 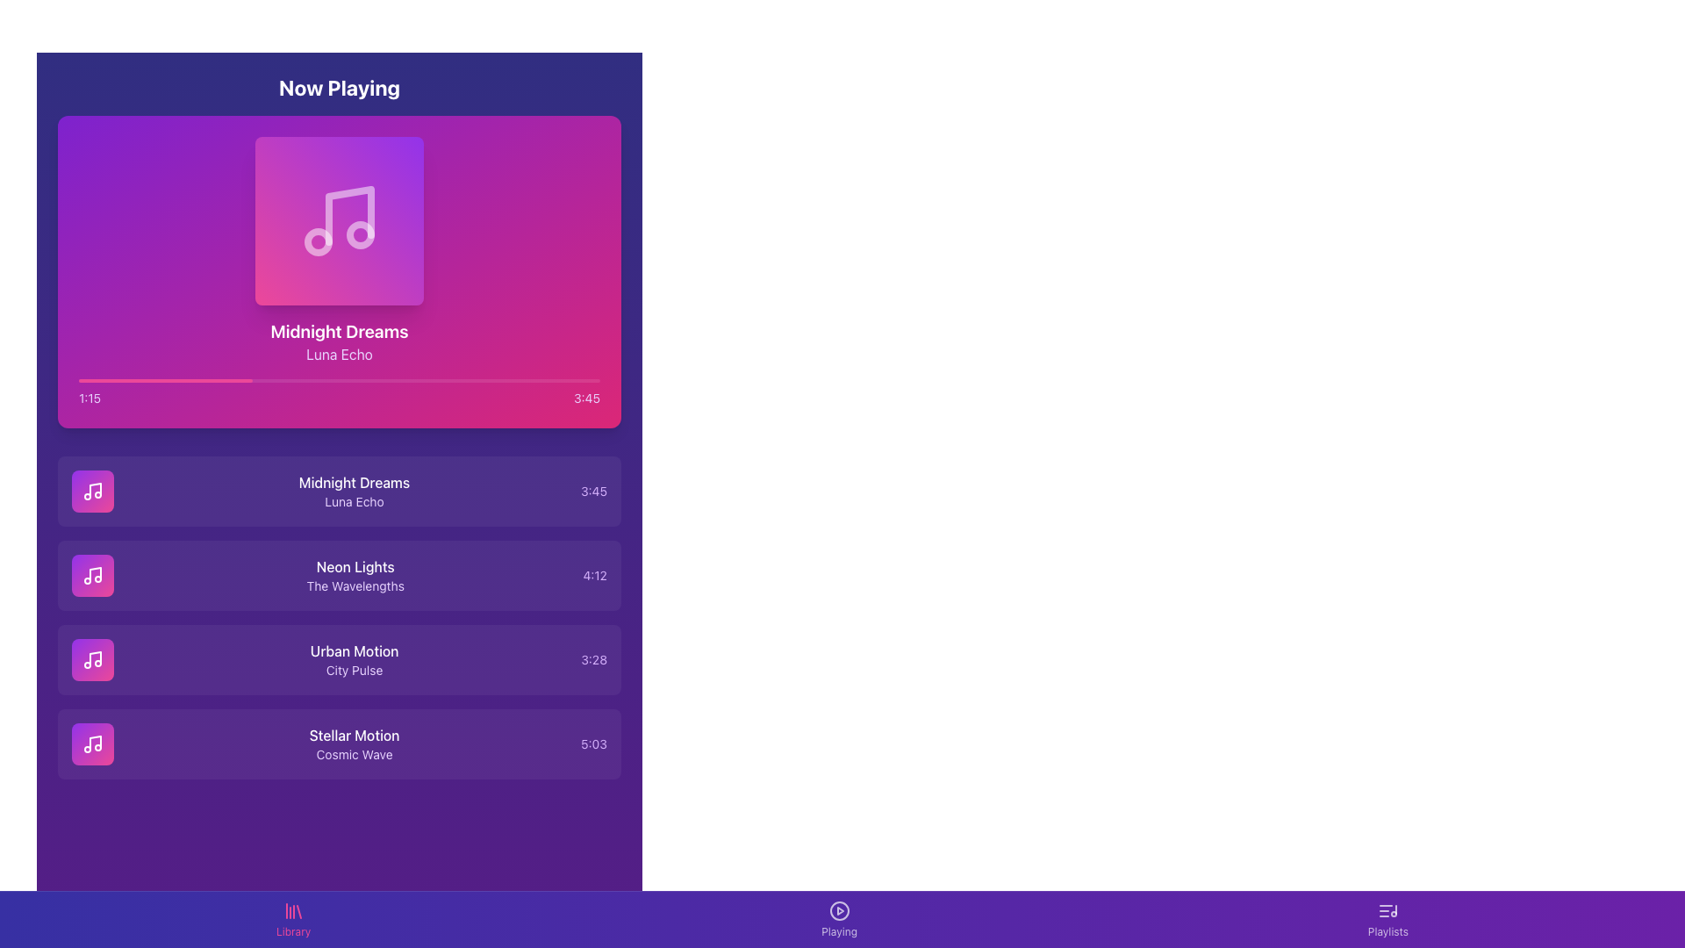 What do you see at coordinates (165, 380) in the screenshot?
I see `the progress indicator located under the 'Now Playing' section, which visually represents the elapsed time of a track or process` at bounding box center [165, 380].